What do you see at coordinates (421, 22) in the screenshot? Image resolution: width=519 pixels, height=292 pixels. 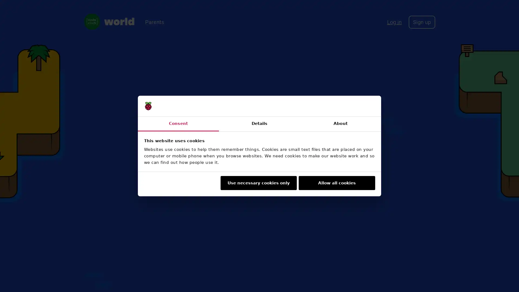 I see `Sign up` at bounding box center [421, 22].